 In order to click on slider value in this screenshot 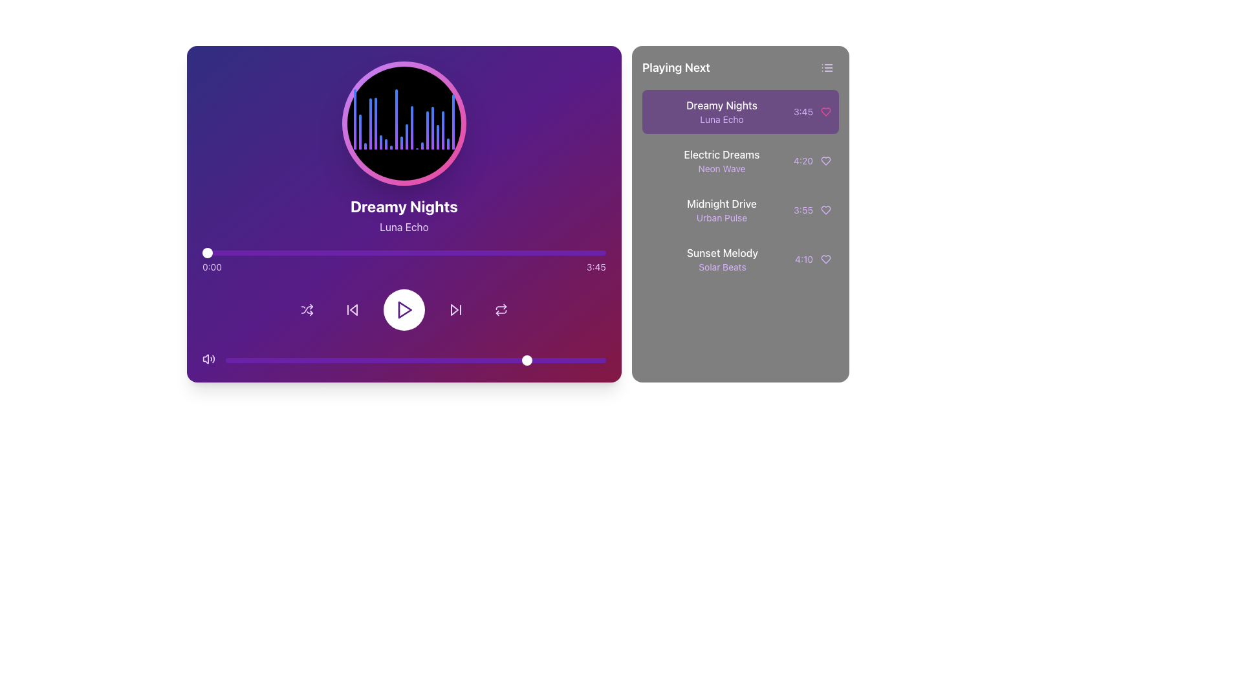, I will do `click(506, 360)`.